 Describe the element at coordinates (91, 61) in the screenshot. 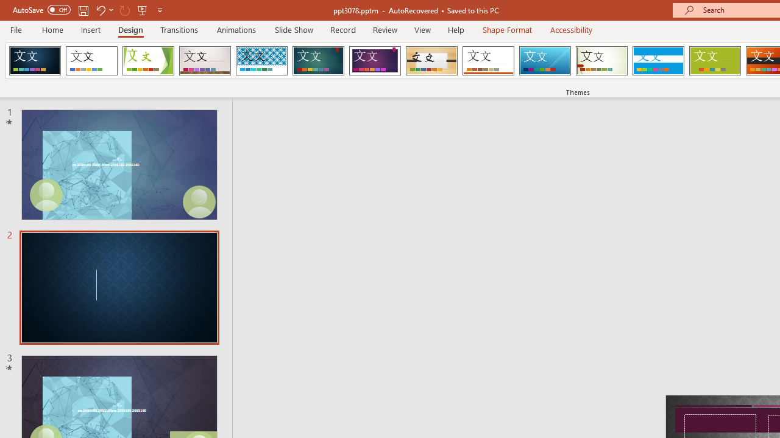

I see `'Office Theme'` at that location.